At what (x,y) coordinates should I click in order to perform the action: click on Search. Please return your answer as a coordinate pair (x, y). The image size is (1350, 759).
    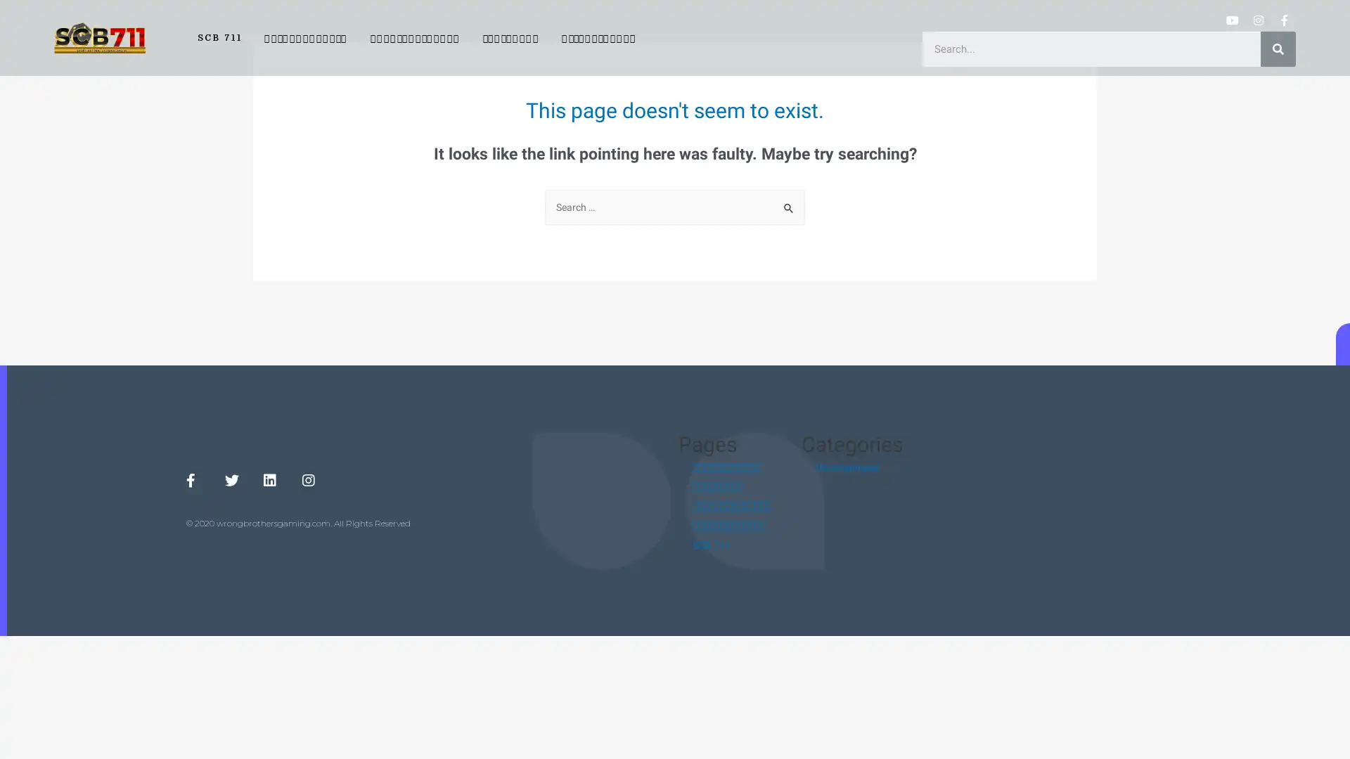
    Looking at the image, I should click on (1278, 48).